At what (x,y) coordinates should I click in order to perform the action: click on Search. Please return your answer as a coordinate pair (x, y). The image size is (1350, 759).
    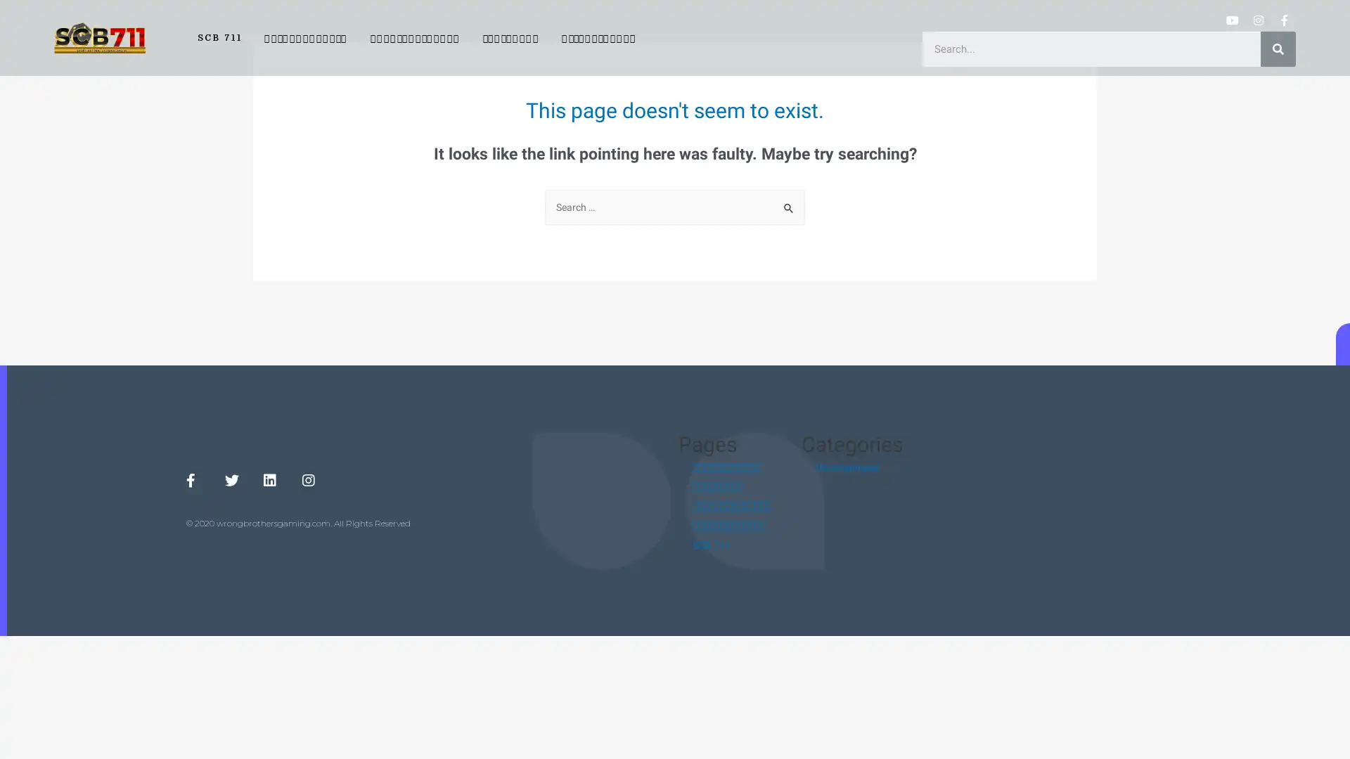
    Looking at the image, I should click on (1278, 48).